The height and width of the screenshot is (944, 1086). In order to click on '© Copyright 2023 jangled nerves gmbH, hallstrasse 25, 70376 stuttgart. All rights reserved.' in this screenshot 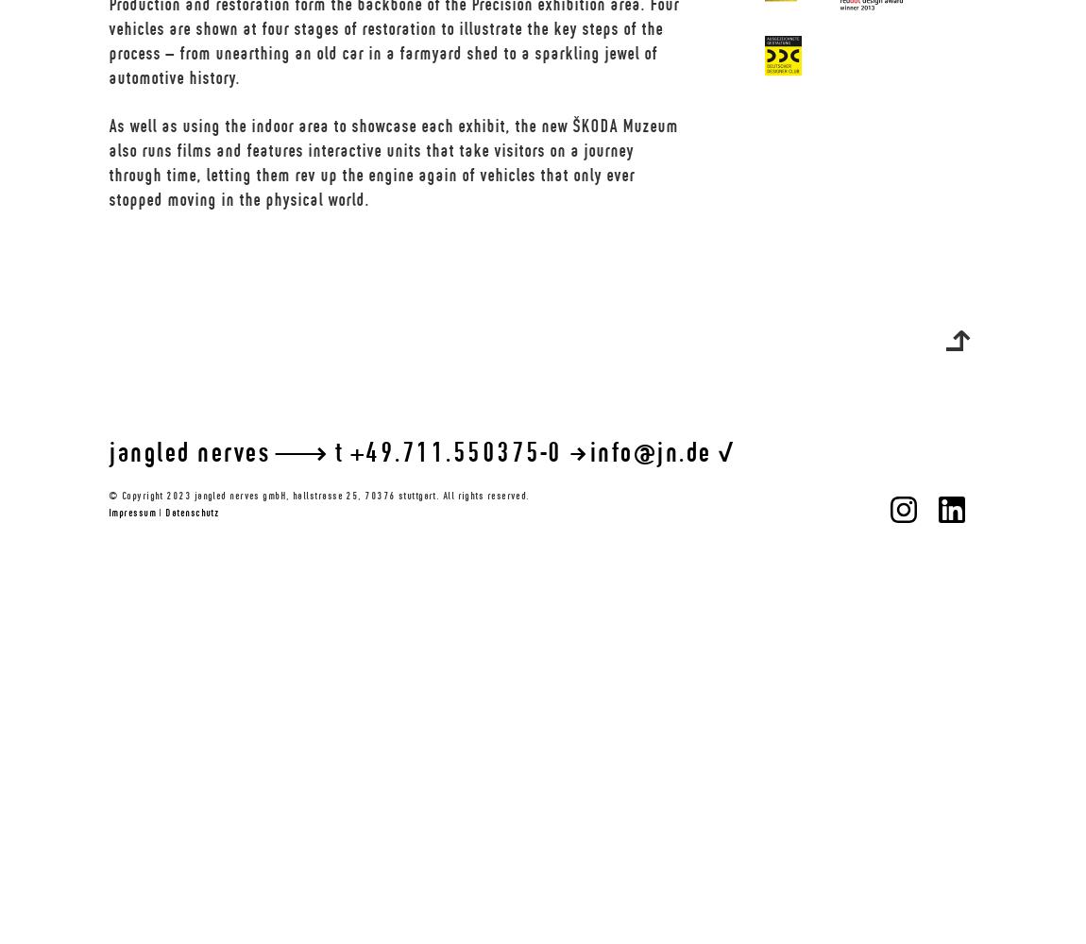, I will do `click(108, 496)`.